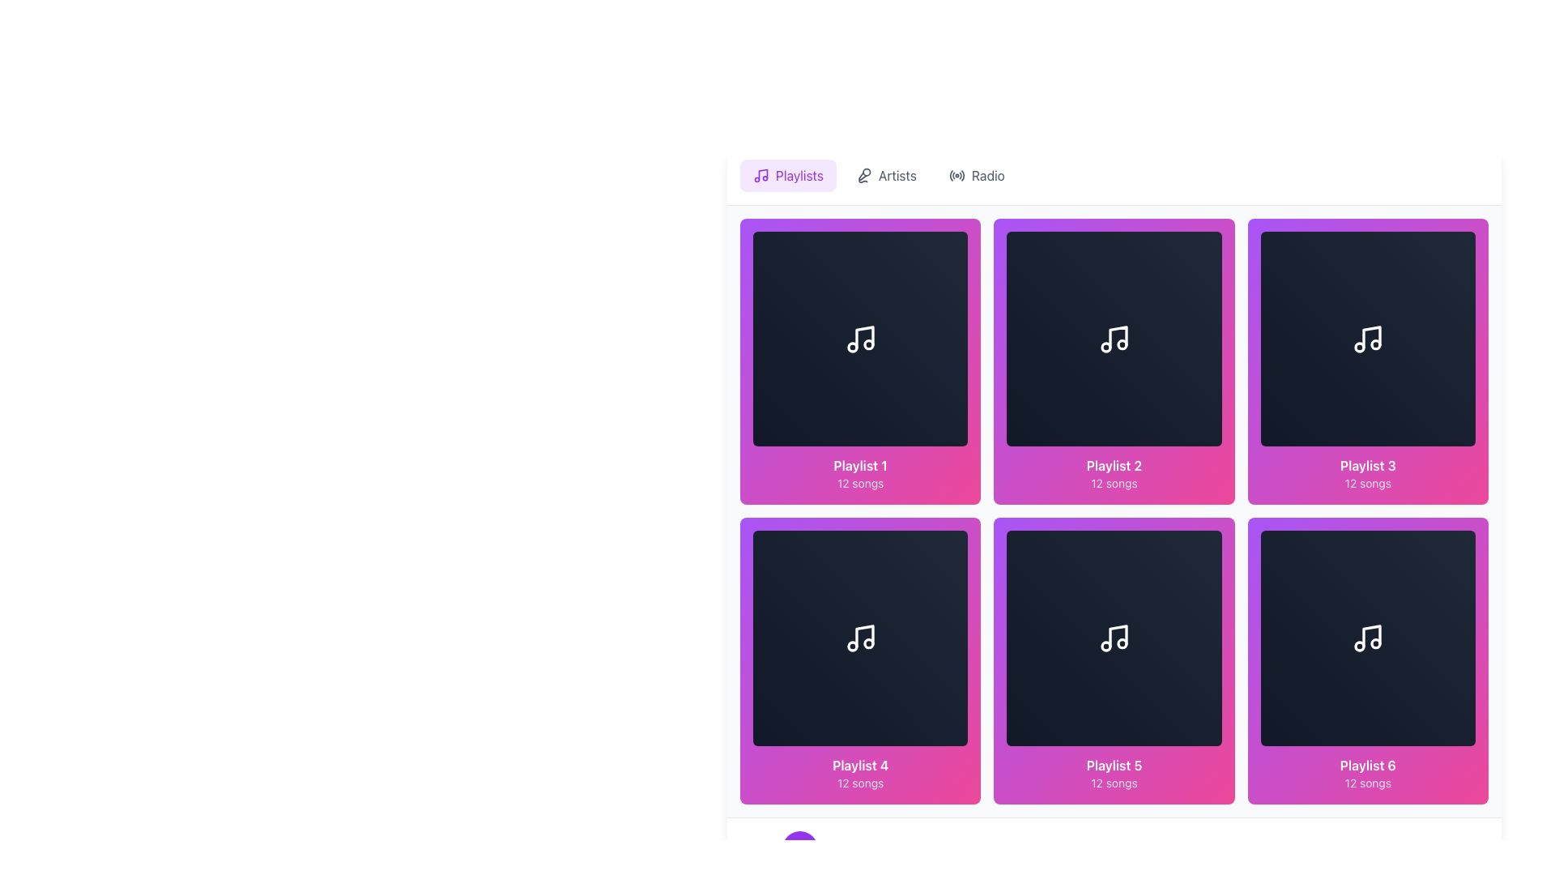  Describe the element at coordinates (1114, 661) in the screenshot. I see `the clickable card that leads to 'Playlist 5' located in the second row, third column of the grid layout` at that location.